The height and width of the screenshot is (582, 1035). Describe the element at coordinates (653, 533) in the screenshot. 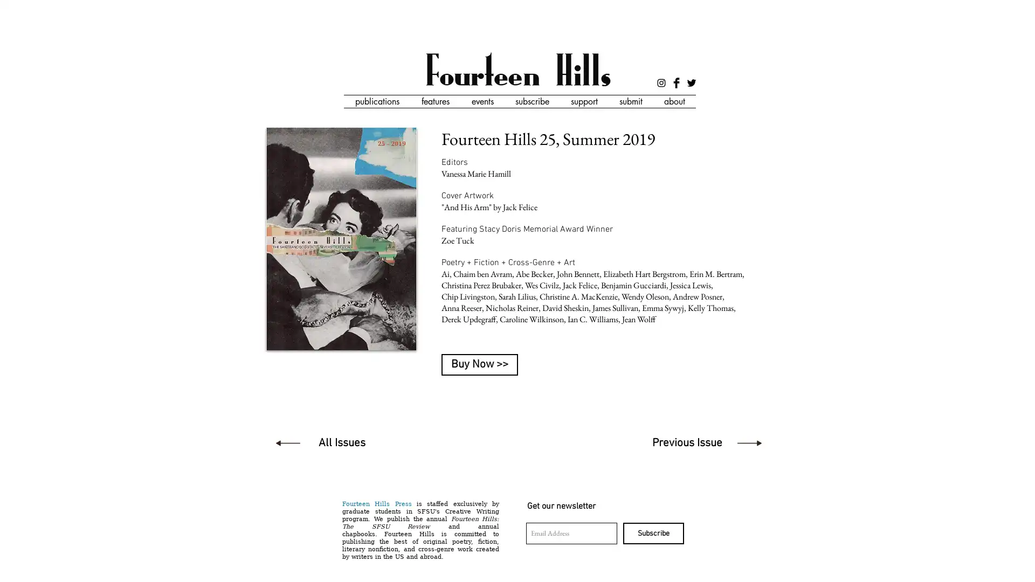

I see `Subscribe` at that location.